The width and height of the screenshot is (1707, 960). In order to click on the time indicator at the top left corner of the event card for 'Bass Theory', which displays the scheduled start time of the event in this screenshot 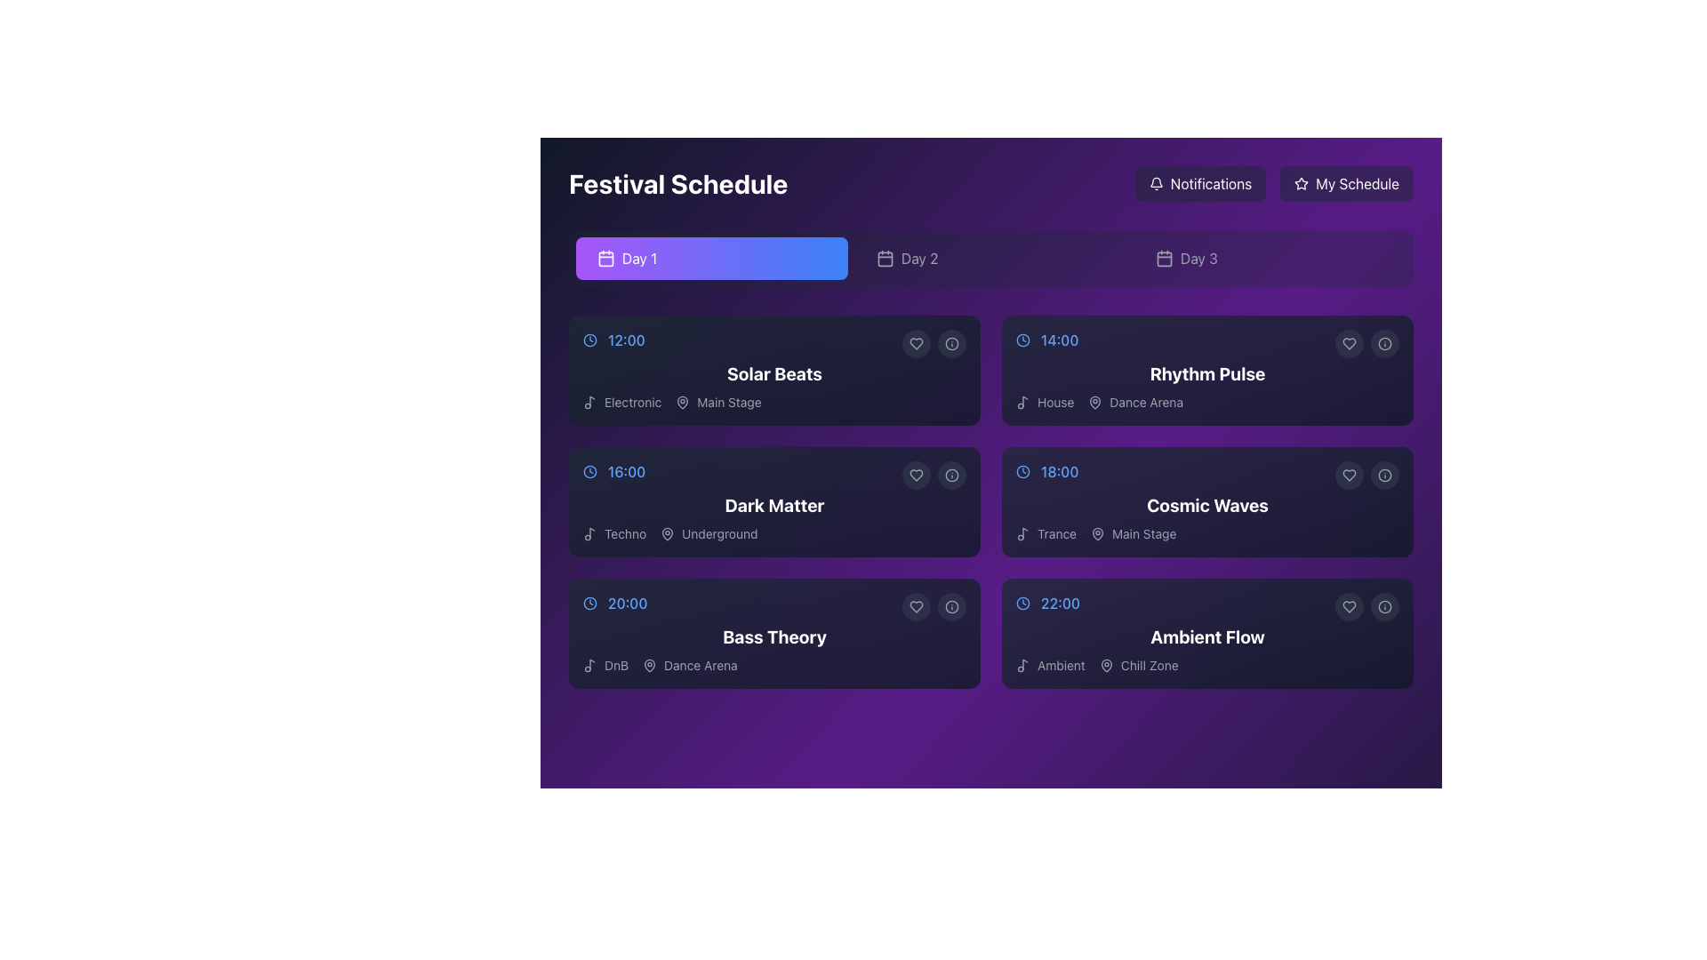, I will do `click(774, 602)`.